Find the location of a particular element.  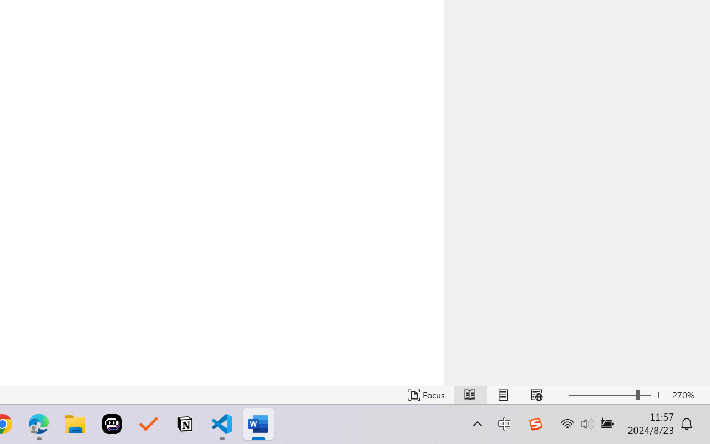

'Text Size' is located at coordinates (610, 395).